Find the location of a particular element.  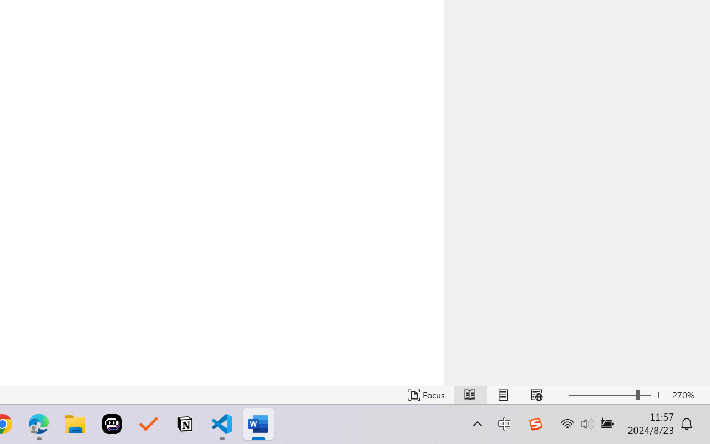

'Text Size' is located at coordinates (610, 395).